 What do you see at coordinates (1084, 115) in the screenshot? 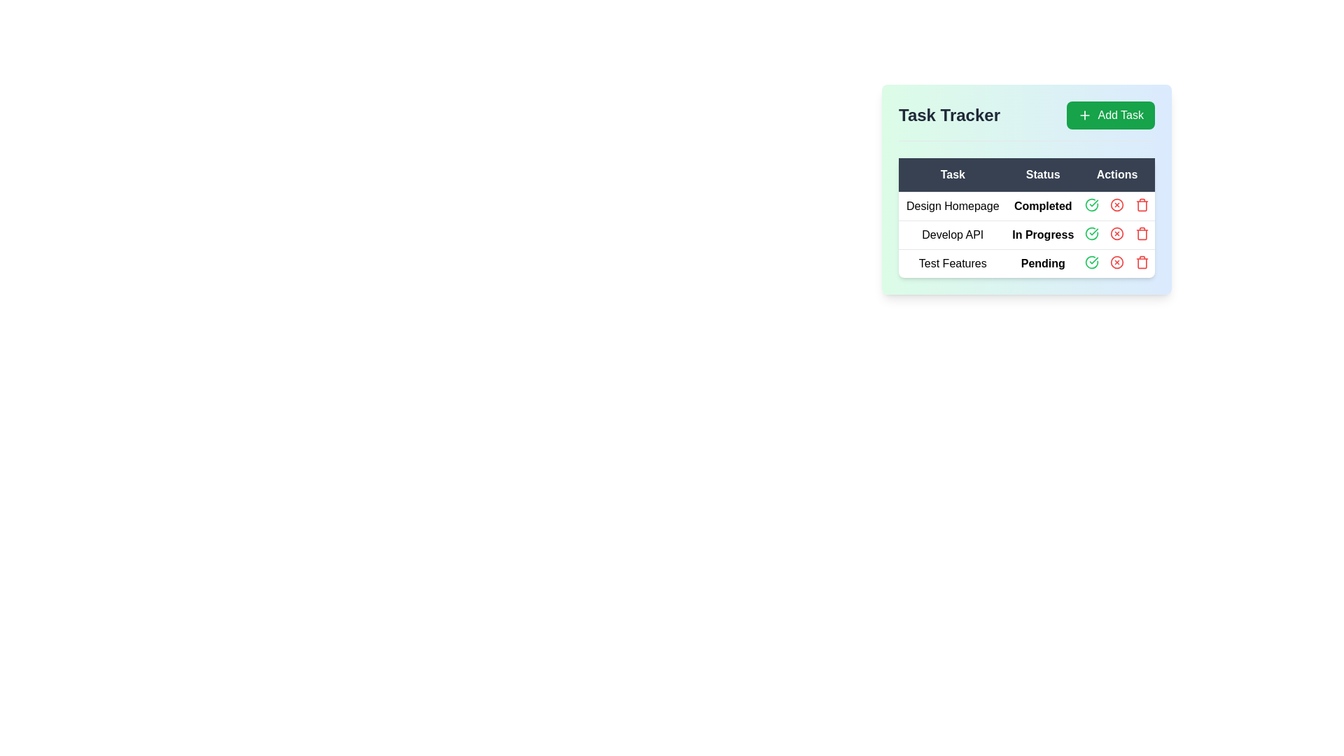
I see `the 'Add' icon inside the green 'Add Task' button located at the top-right corner of the task tracker interface to initiate the add task action` at bounding box center [1084, 115].